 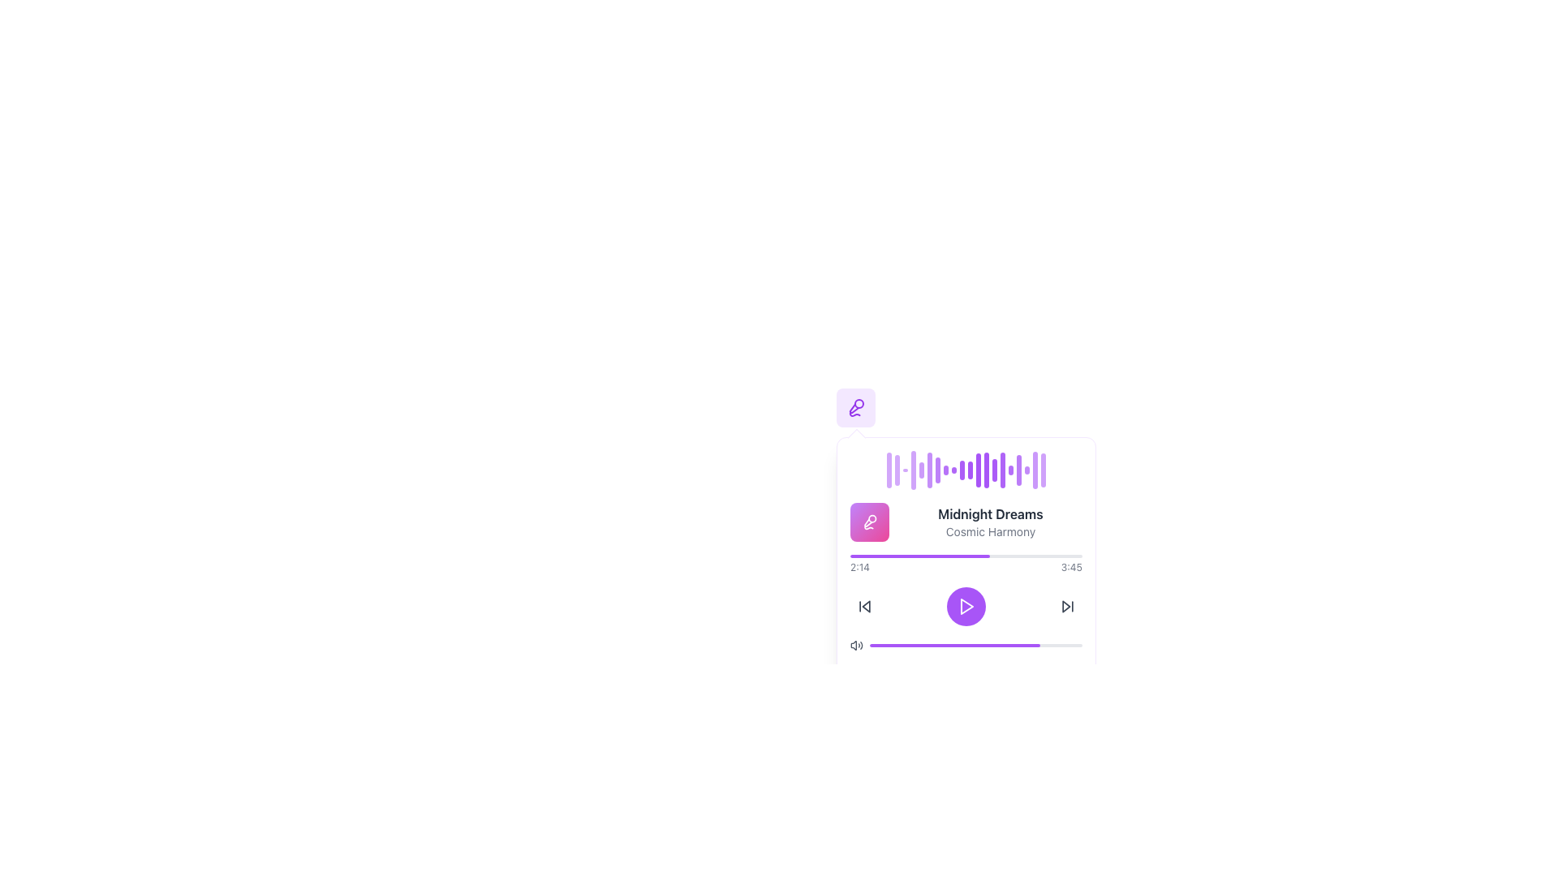 What do you see at coordinates (989, 513) in the screenshot?
I see `text content of the 'Midnight Dreams' label, which is styled in bold dark gray and positioned above 'Cosmic Harmony' within a card-like interface` at bounding box center [989, 513].